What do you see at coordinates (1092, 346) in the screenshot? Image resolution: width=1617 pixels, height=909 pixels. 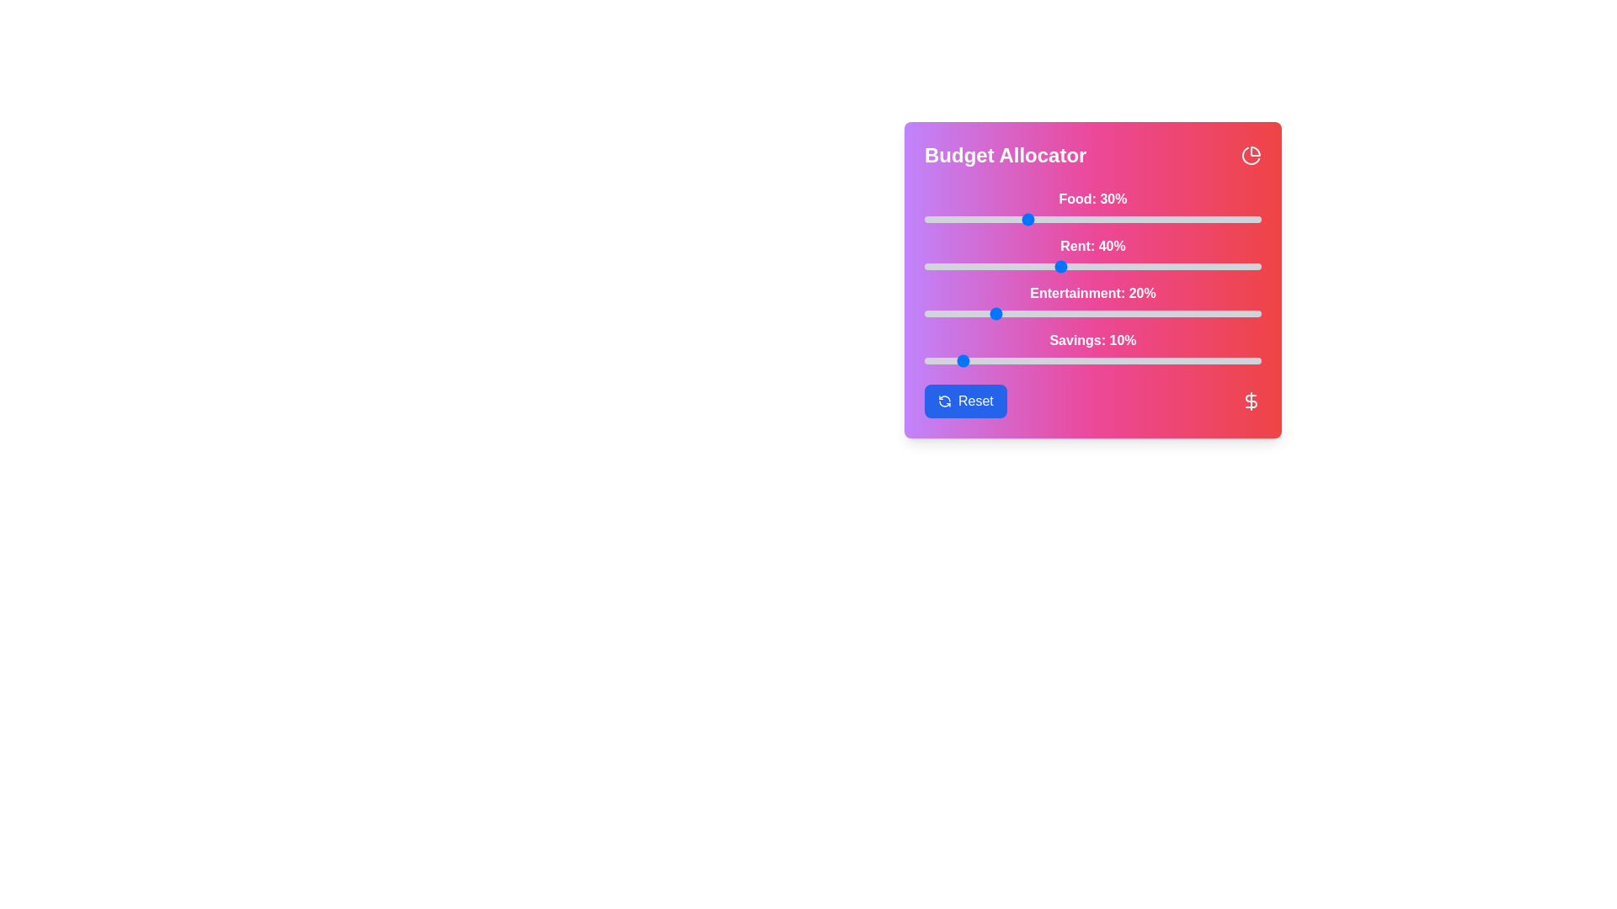 I see `the savings allocation slider element, which is the fourth entry in a vertical list of budget categories, located below 'Entertainment: 20%'` at bounding box center [1092, 346].